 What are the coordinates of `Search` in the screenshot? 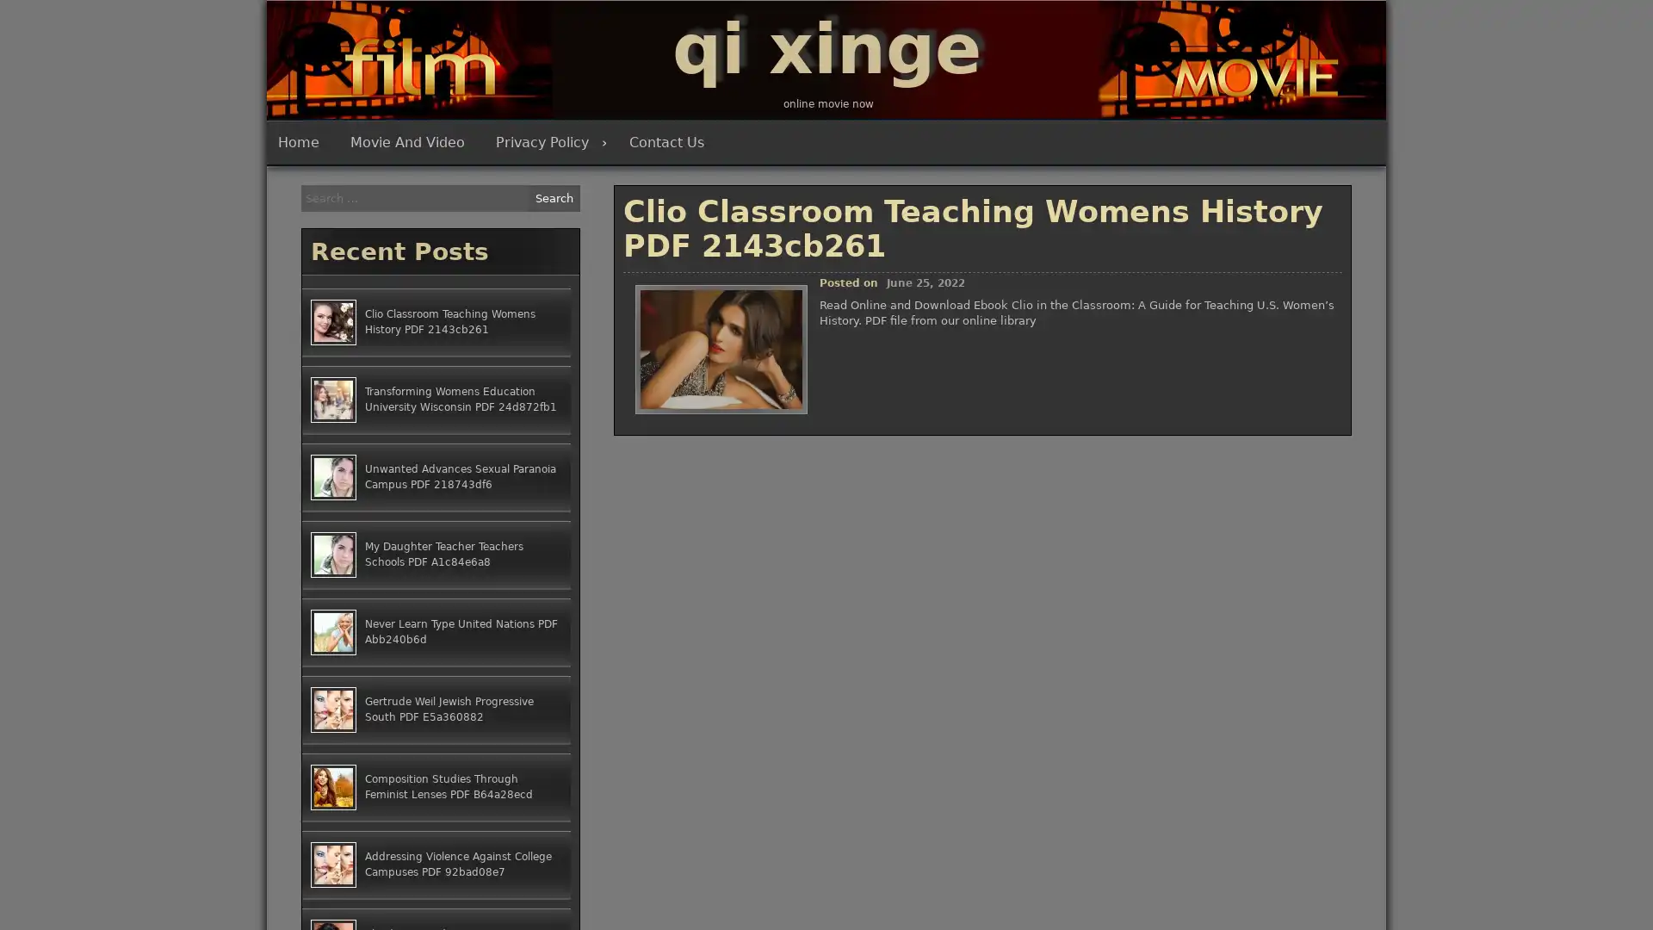 It's located at (554, 197).